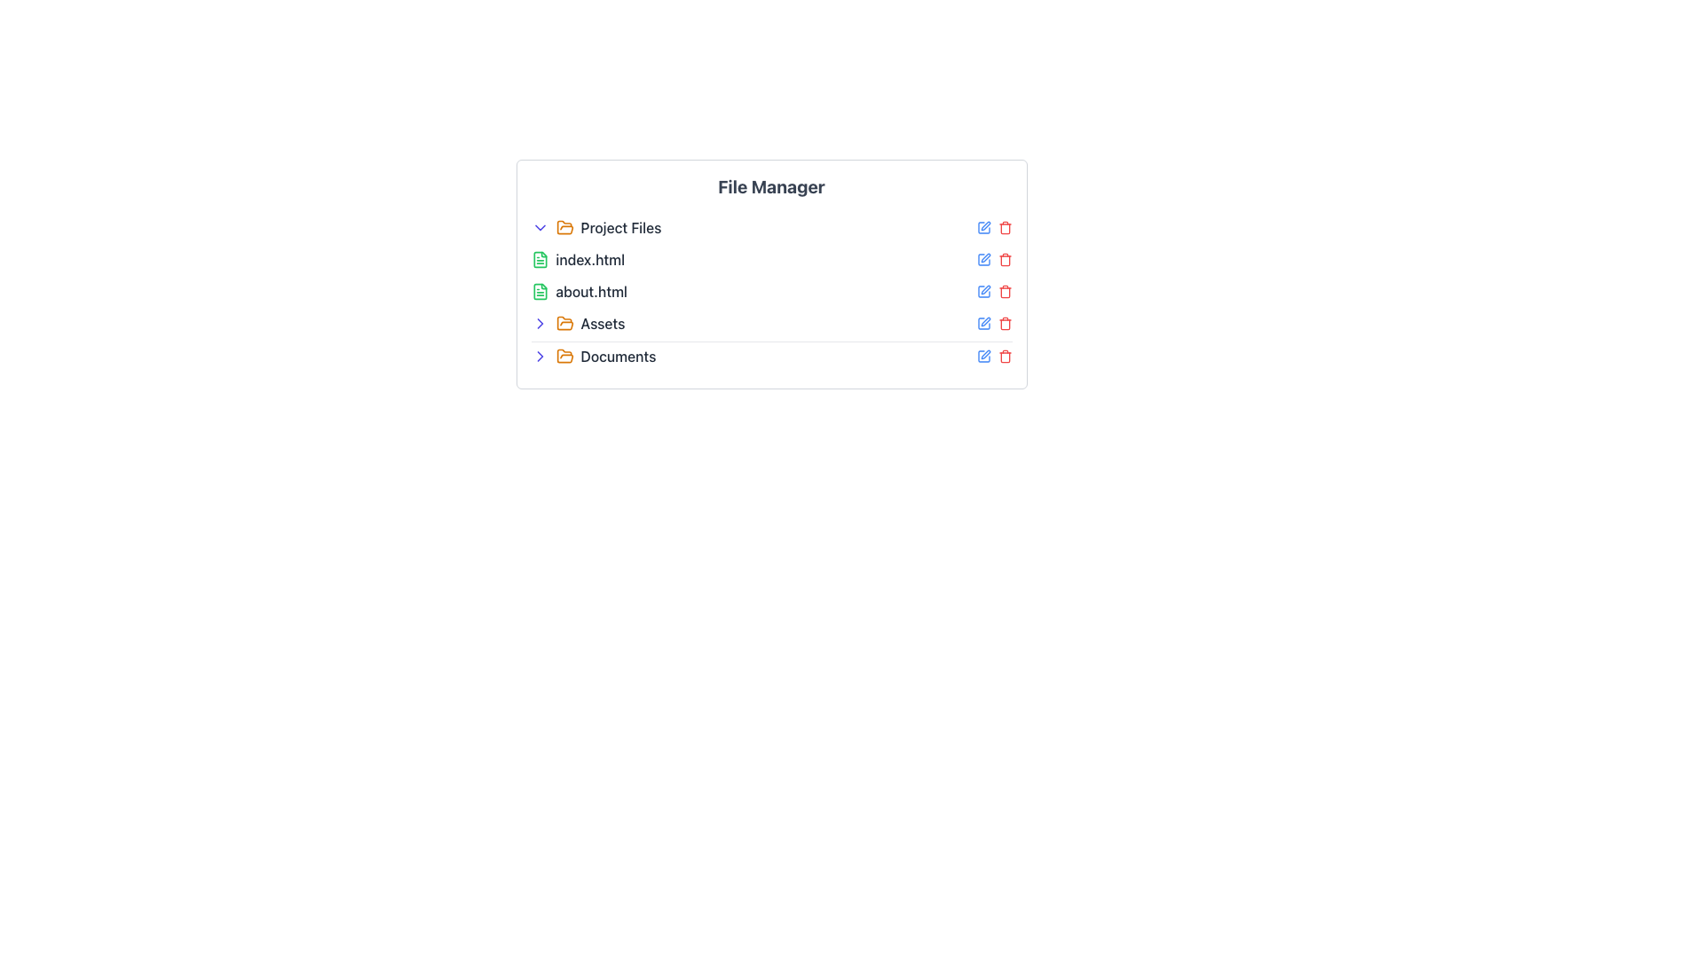 This screenshot has height=958, width=1704. What do you see at coordinates (1005, 227) in the screenshot?
I see `the red trash icon button located at the top-right corner of the first row in the File Manager table` at bounding box center [1005, 227].